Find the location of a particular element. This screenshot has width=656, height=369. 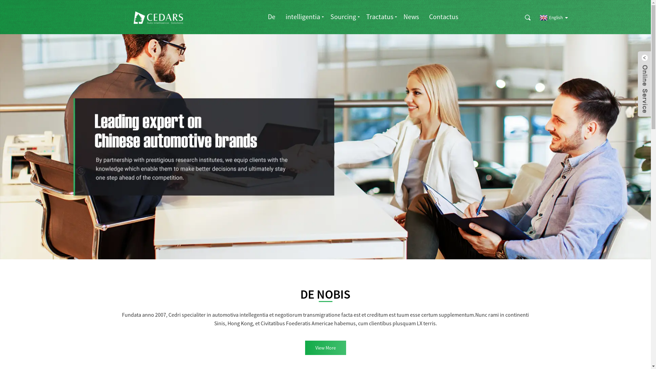

'View More' is located at coordinates (325, 348).